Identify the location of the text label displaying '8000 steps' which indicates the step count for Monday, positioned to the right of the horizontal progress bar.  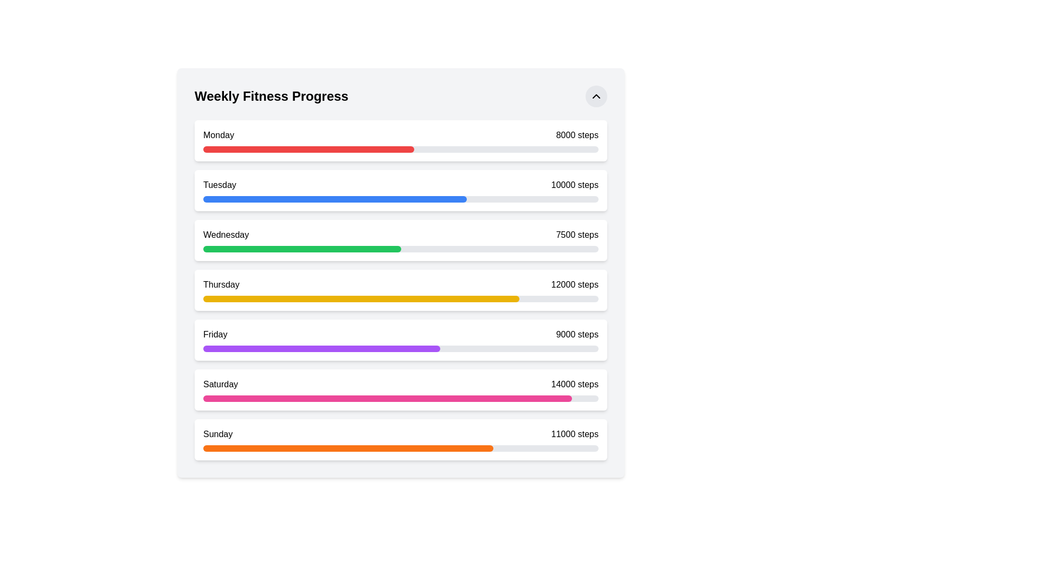
(576, 135).